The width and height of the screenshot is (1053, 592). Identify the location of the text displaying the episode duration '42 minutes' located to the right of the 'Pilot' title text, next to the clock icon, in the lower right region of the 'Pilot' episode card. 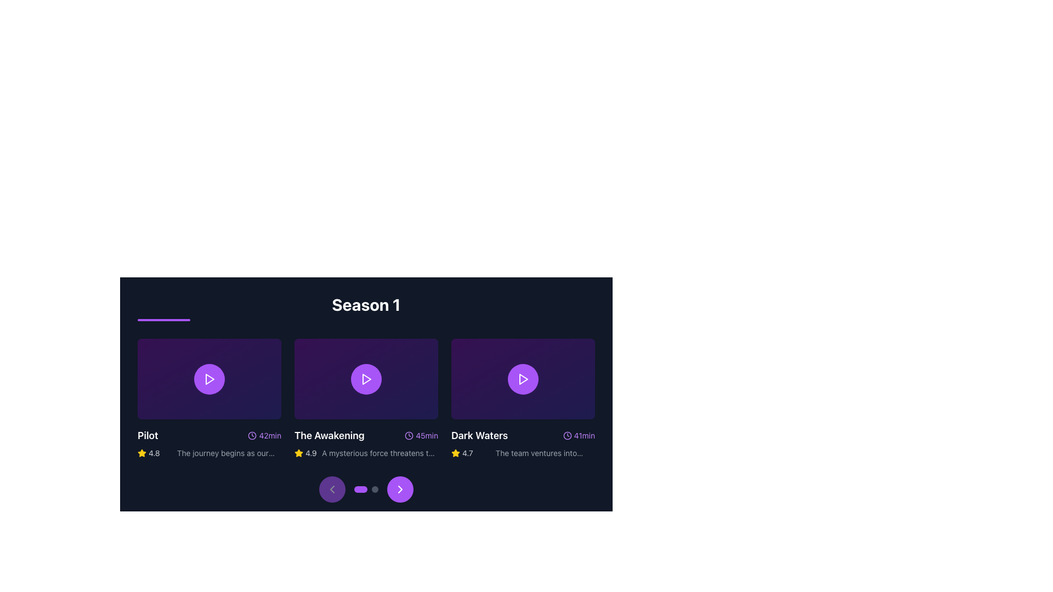
(264, 435).